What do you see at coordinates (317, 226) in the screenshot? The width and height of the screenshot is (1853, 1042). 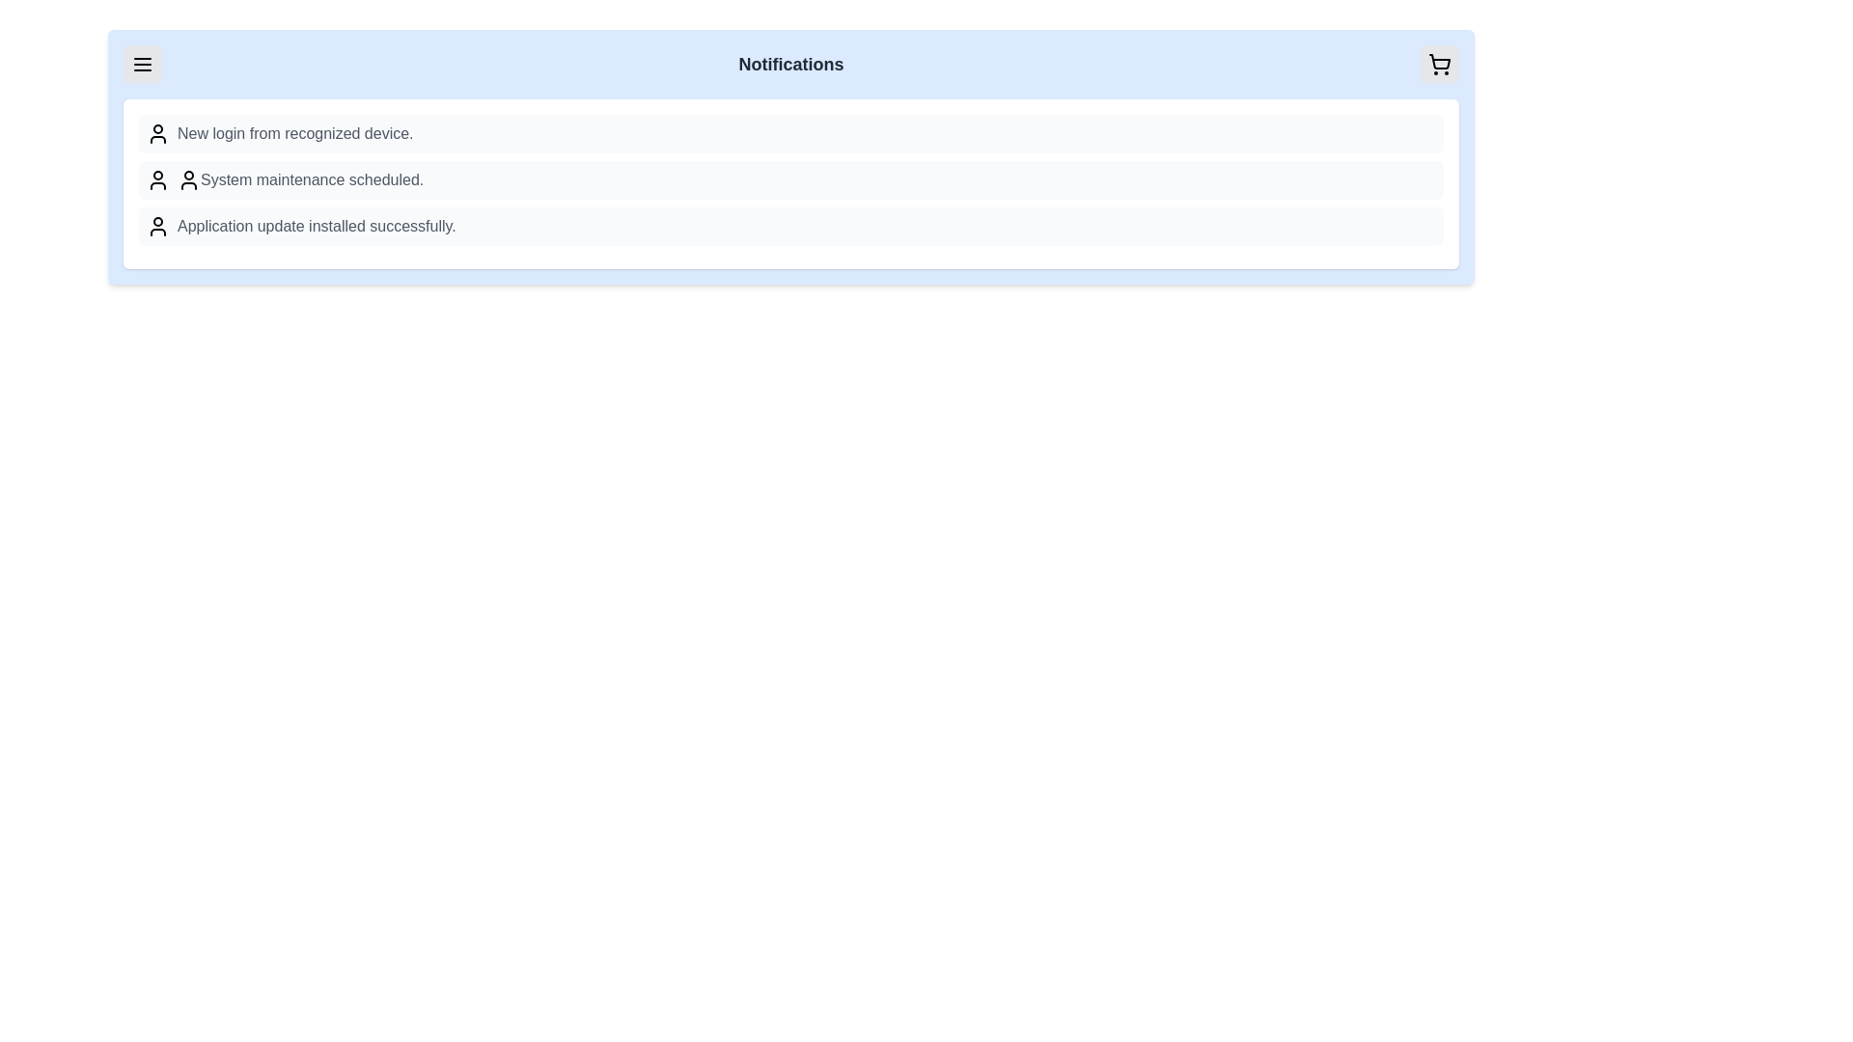 I see `informational notification text label that indicates the successful installation of an application update, located as the third item in a vertically stacked list of notifications to the right of the user icon` at bounding box center [317, 226].